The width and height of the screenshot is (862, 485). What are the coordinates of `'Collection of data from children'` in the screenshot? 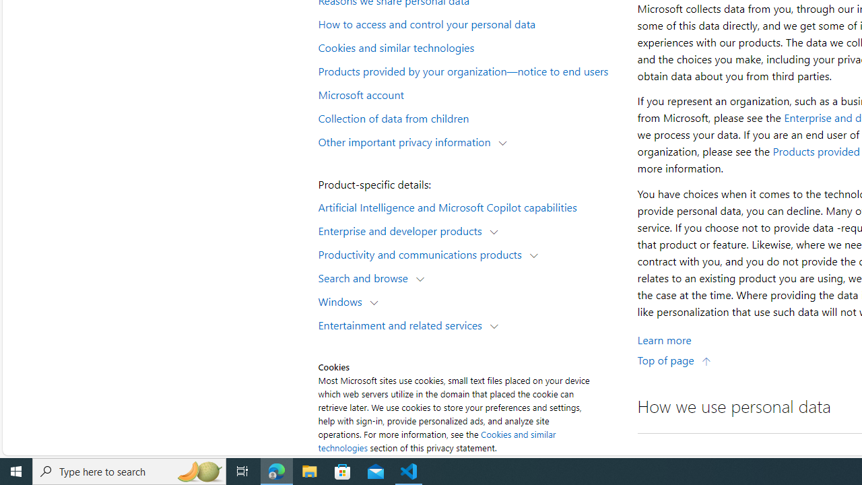 It's located at (469, 117).